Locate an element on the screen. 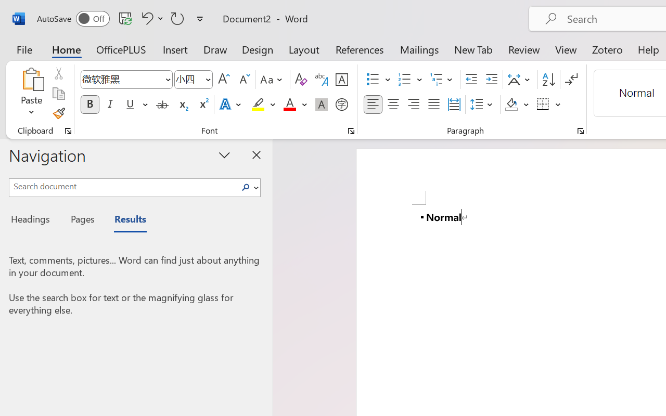 The height and width of the screenshot is (416, 666). 'Borders' is located at coordinates (543, 105).